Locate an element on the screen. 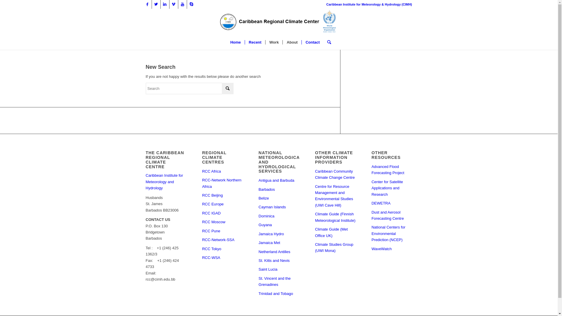 The image size is (562, 316). 'Twitter' is located at coordinates (156, 4).